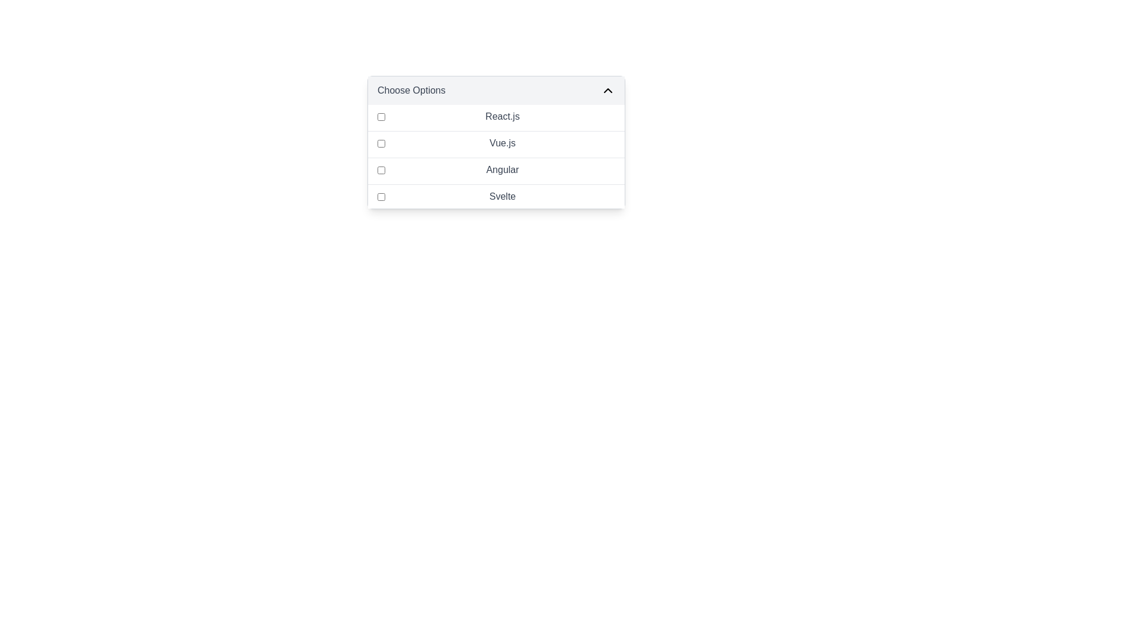 Image resolution: width=1138 pixels, height=640 pixels. I want to click on the checkbox, so click(381, 116).